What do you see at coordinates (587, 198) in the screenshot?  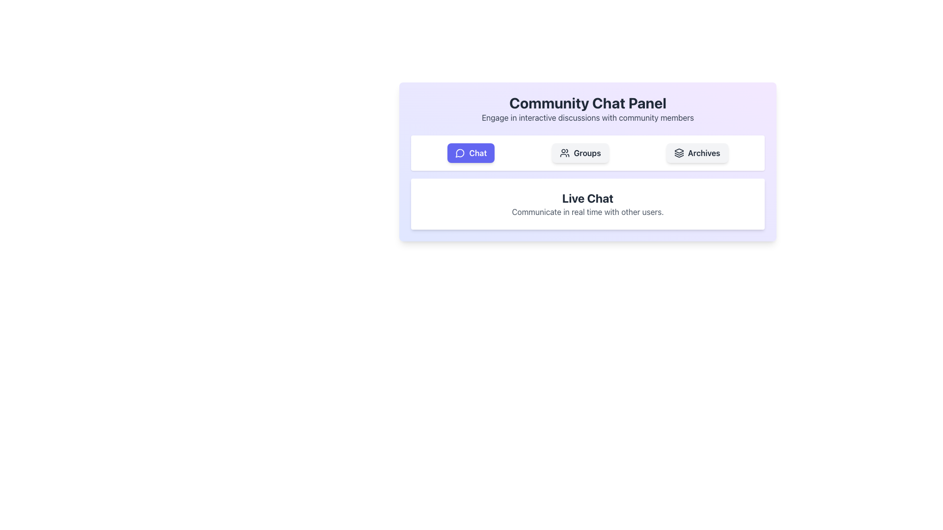 I see `the 'Live Chat' text label, which is a bold and large header displayed in a dark color, located prominently above the descriptive text in the Community Chat Panel` at bounding box center [587, 198].